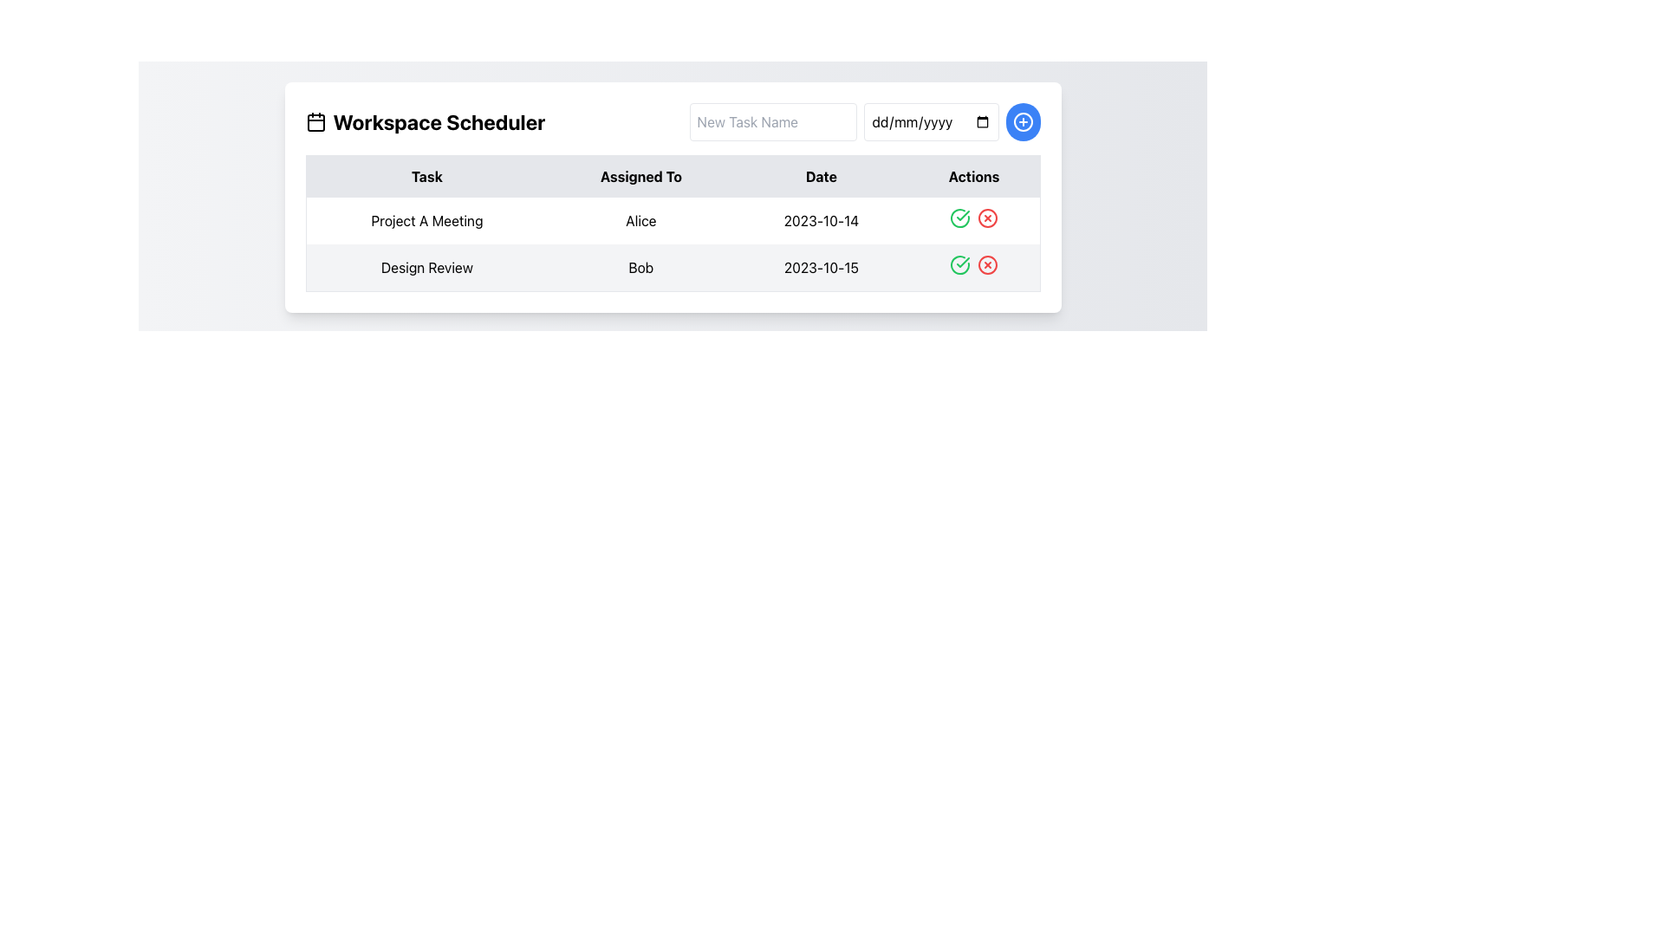 The image size is (1664, 936). What do you see at coordinates (820, 176) in the screenshot?
I see `the 'Date' column header in the table, which is the third column header located between 'Assigned To' and 'Actions'` at bounding box center [820, 176].